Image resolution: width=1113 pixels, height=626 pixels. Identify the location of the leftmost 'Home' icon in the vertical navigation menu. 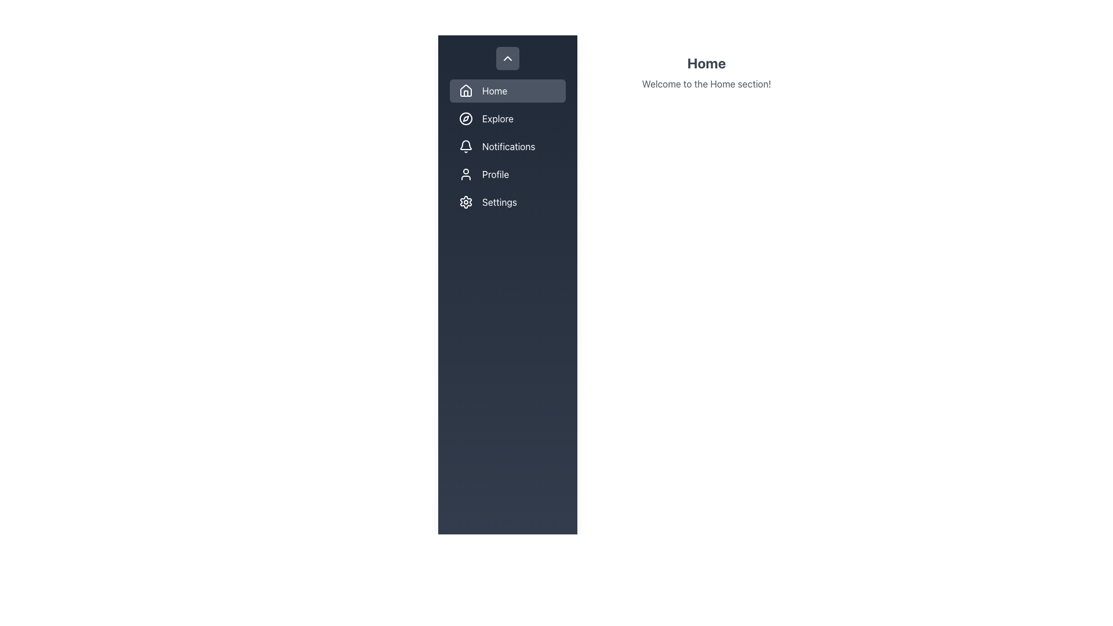
(466, 90).